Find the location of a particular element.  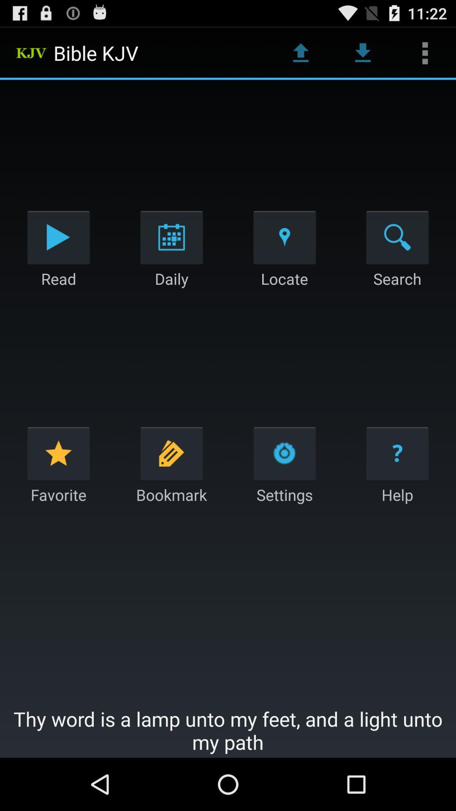

the play icon is located at coordinates (58, 253).